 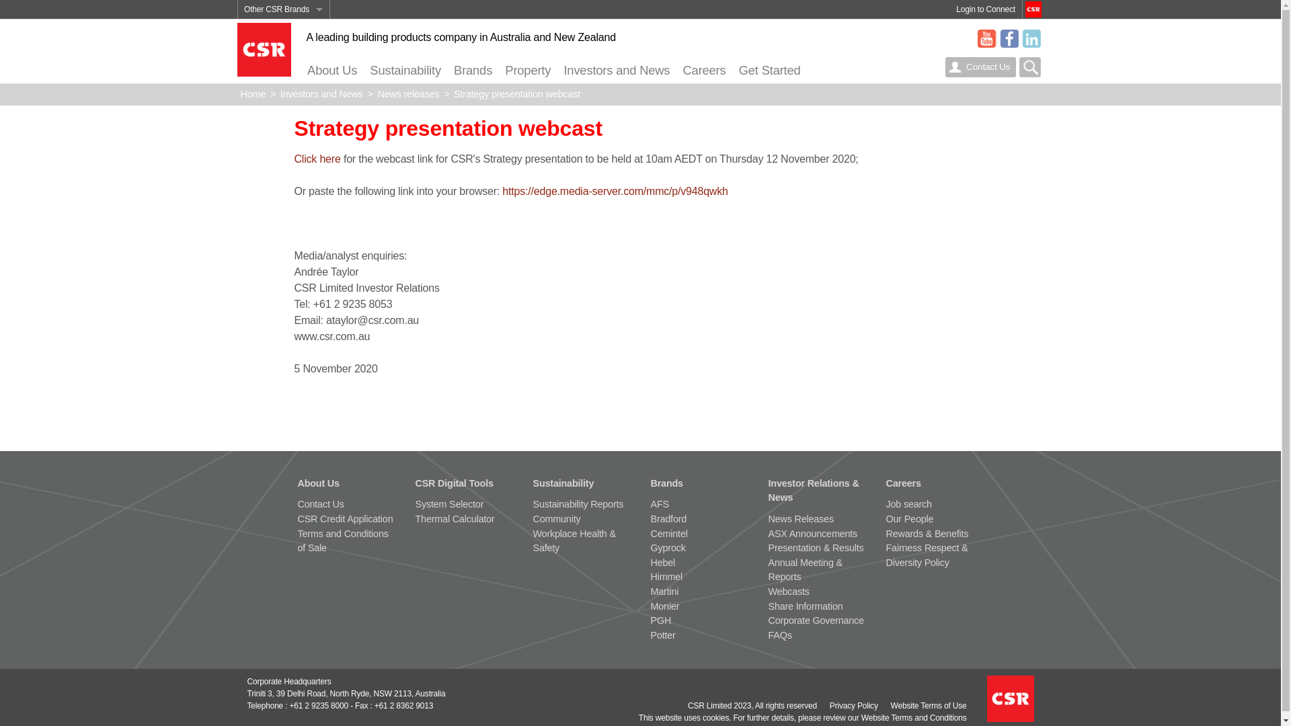 What do you see at coordinates (804, 570) in the screenshot?
I see `'Annual Meeting & Reports'` at bounding box center [804, 570].